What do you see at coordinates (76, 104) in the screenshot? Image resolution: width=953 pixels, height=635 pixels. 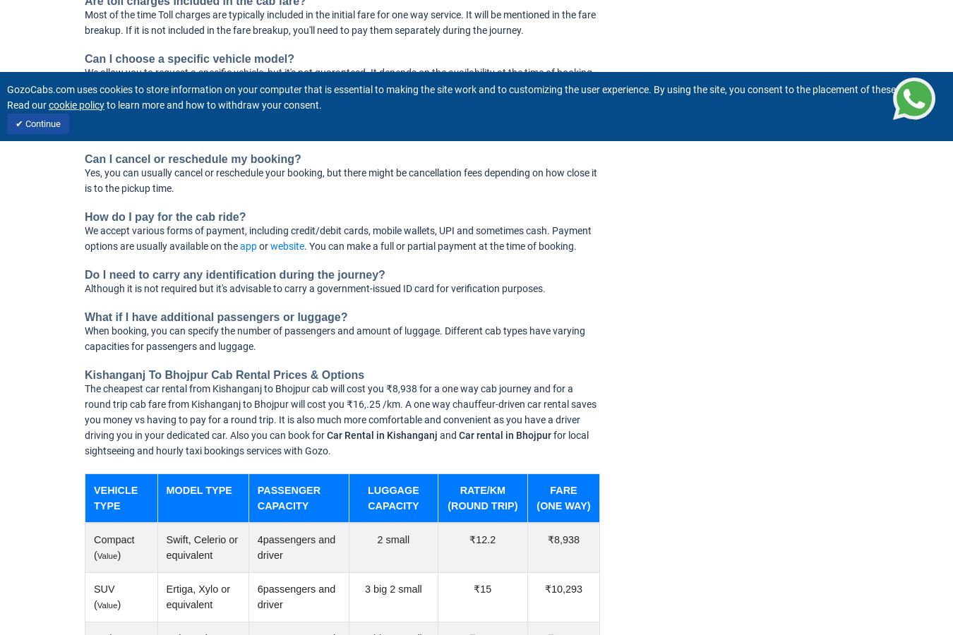 I see `'cookie policy'` at bounding box center [76, 104].